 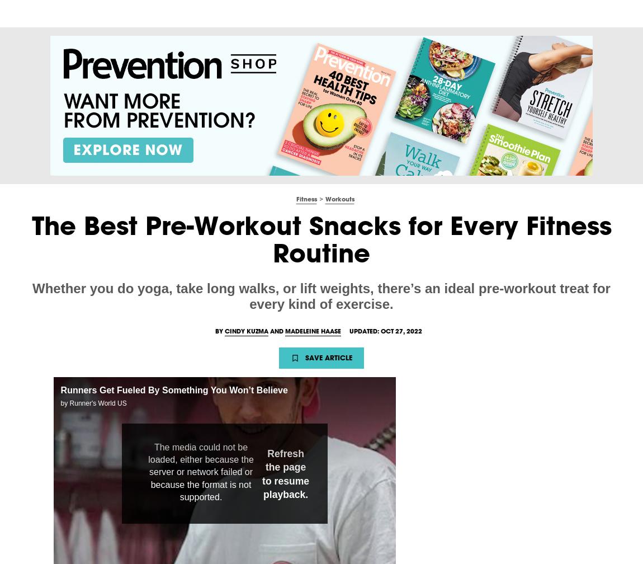 I want to click on '15 Easy Exercises to Burn Belly Fat', so click(x=121, y=525).